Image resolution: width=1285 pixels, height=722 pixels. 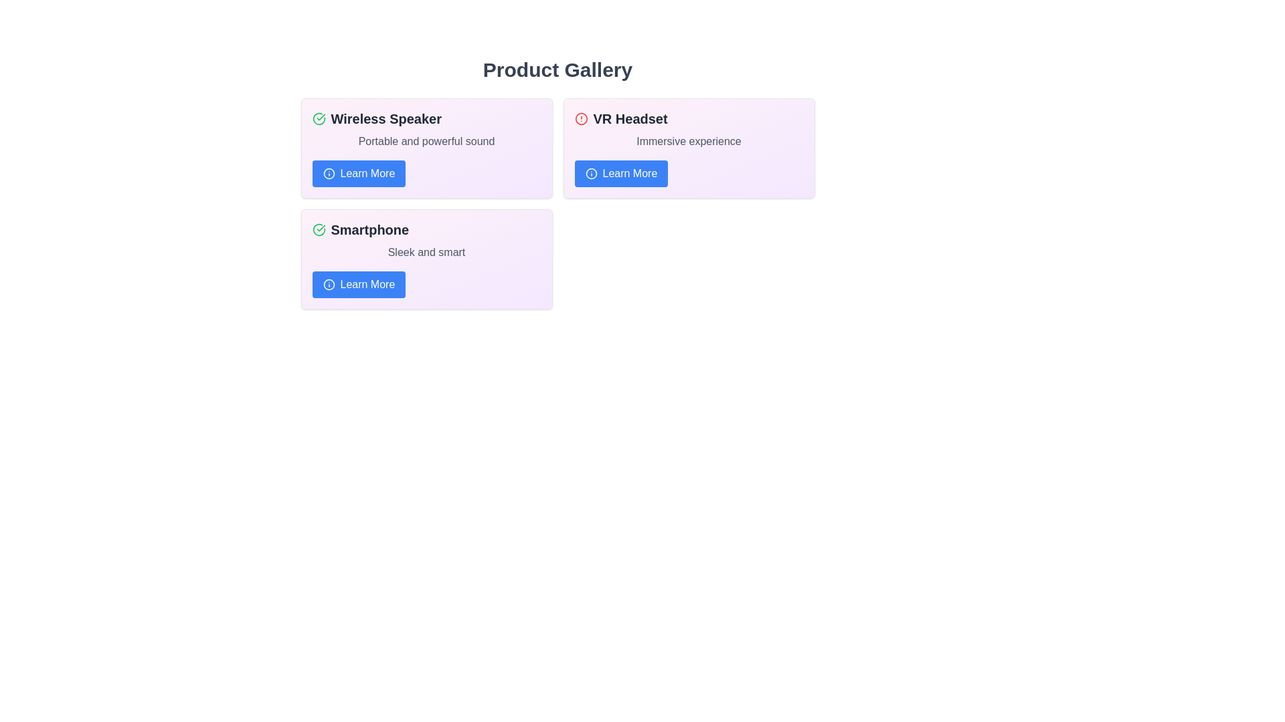 What do you see at coordinates (359, 172) in the screenshot?
I see `the 'Learn More' button for the Wireless Speaker product` at bounding box center [359, 172].